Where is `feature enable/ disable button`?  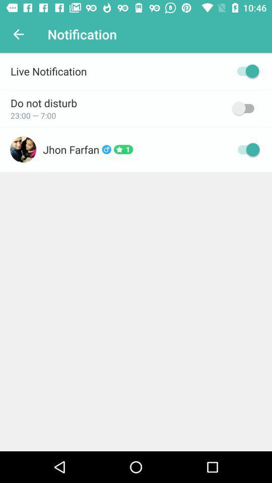
feature enable/ disable button is located at coordinates (245, 108).